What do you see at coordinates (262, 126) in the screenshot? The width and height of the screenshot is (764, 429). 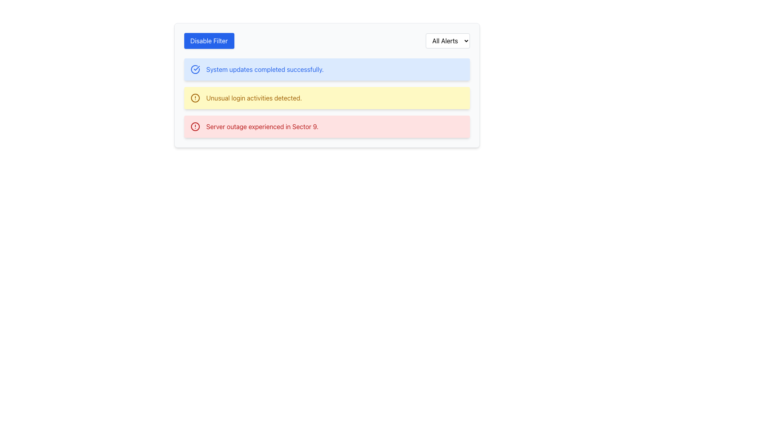 I see `alert message text located in the bottom alert box of the vertical list of notifications, which is styled with red highlights` at bounding box center [262, 126].